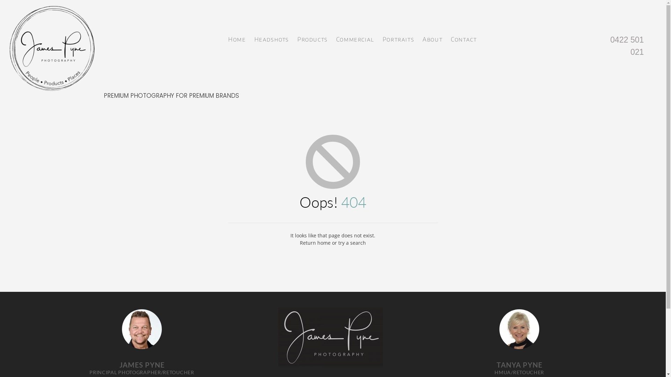  Describe the element at coordinates (463, 38) in the screenshot. I see `'Contact'` at that location.